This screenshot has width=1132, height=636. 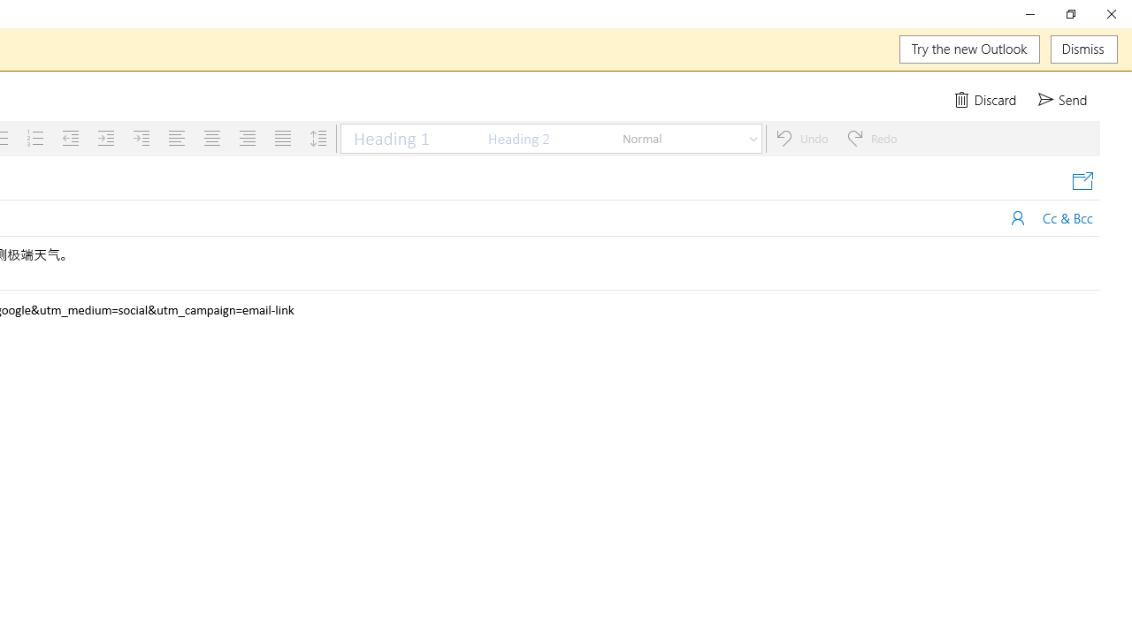 What do you see at coordinates (541, 137) in the screenshot?
I see `'Heading 2'` at bounding box center [541, 137].